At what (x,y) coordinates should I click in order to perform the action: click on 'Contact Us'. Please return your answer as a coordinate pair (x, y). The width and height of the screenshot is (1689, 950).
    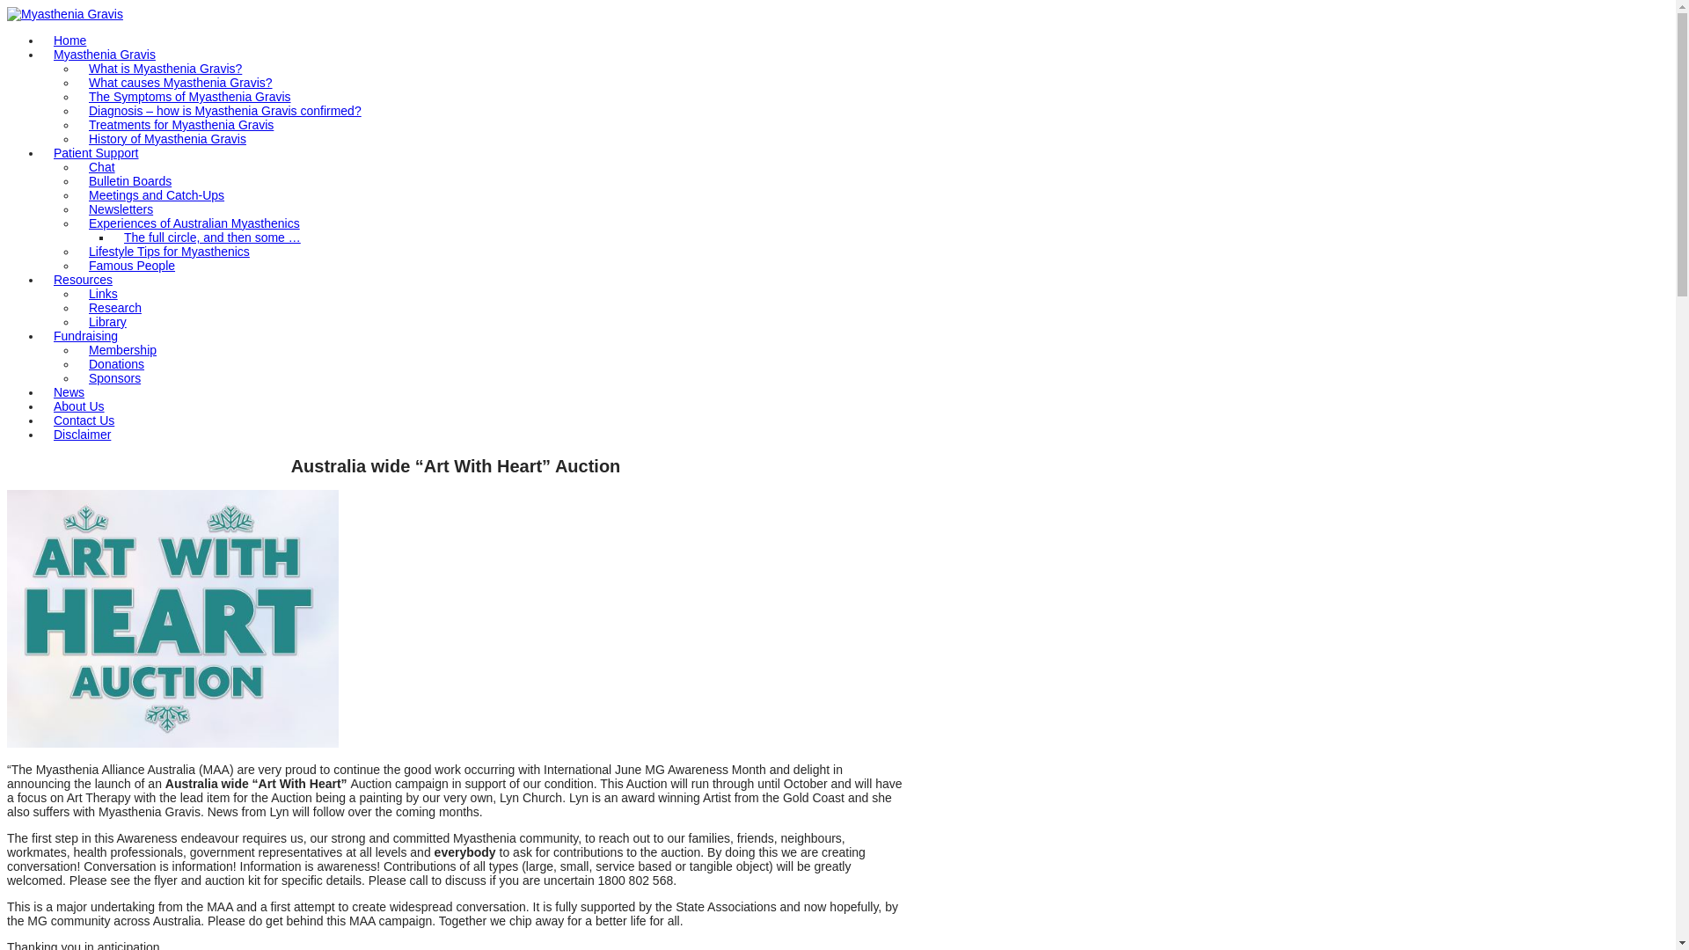
    Looking at the image, I should click on (83, 420).